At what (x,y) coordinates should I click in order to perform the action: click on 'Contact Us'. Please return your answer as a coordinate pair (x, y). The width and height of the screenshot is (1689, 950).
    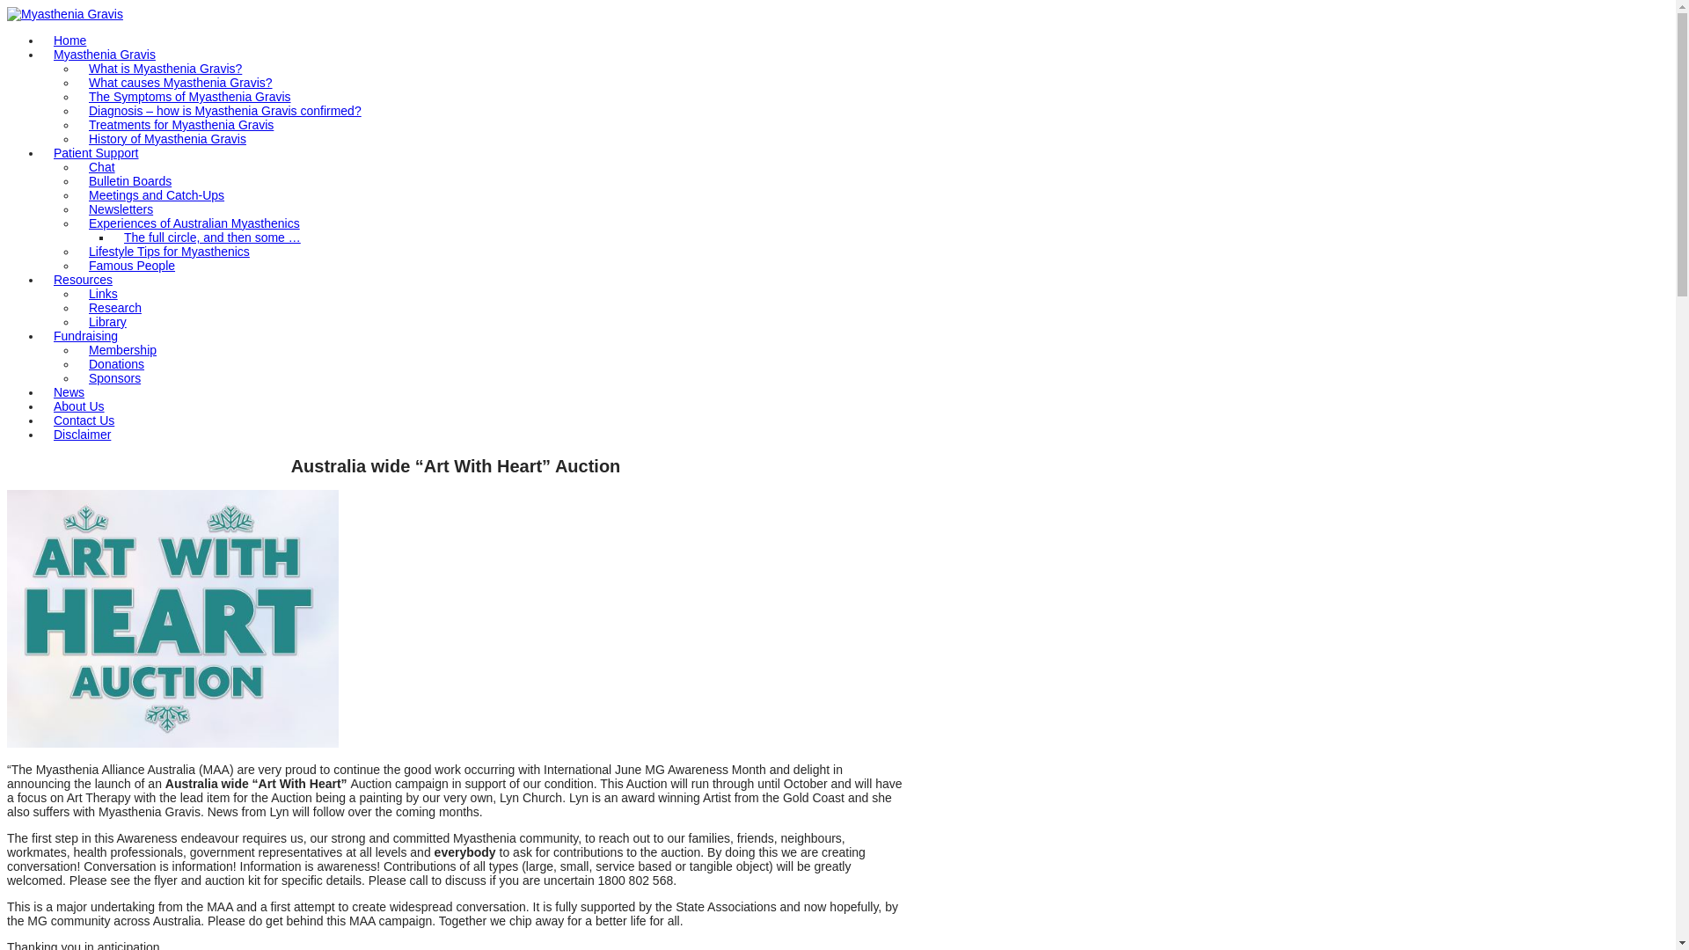
    Looking at the image, I should click on (83, 420).